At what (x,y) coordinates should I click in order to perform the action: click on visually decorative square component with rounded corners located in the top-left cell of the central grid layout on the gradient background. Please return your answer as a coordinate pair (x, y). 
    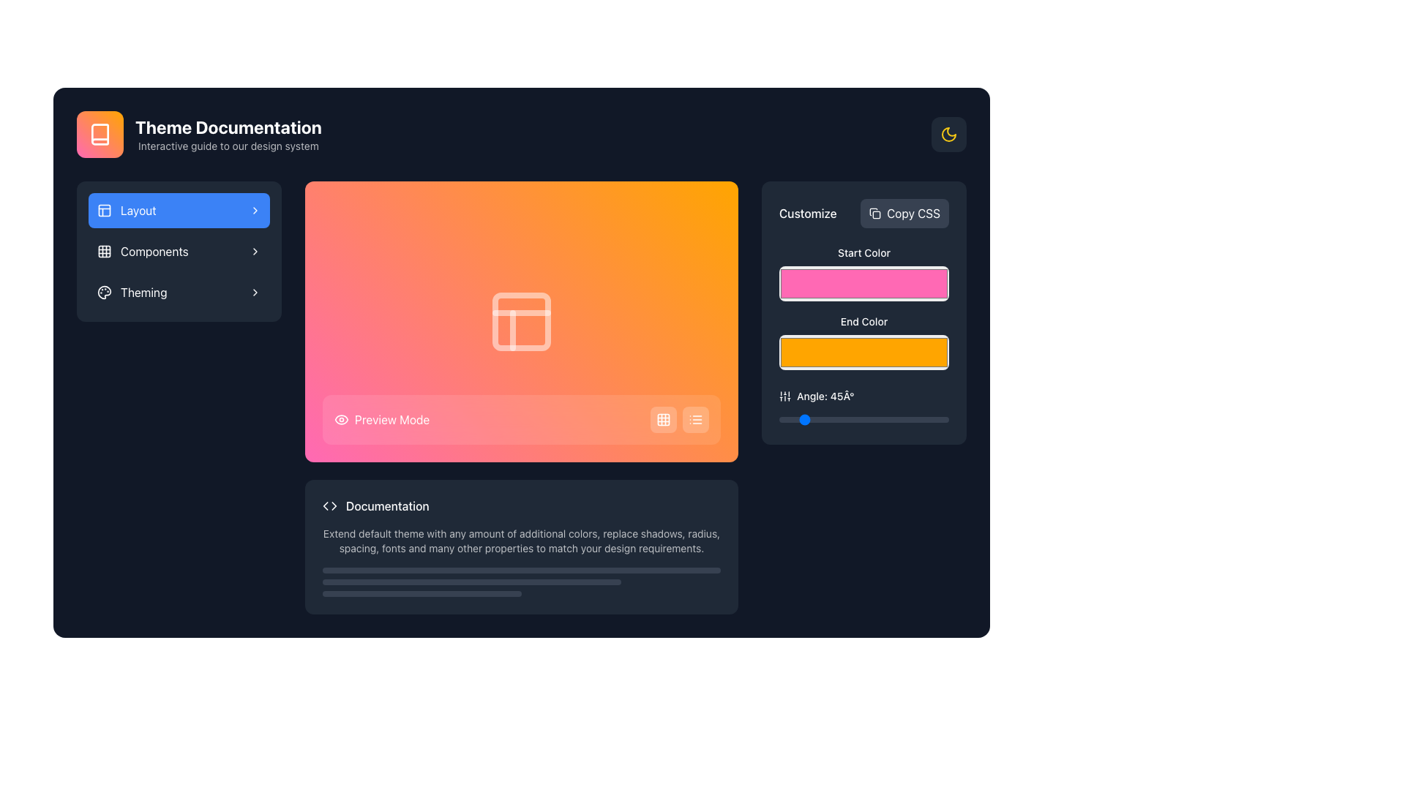
    Looking at the image, I should click on (522, 320).